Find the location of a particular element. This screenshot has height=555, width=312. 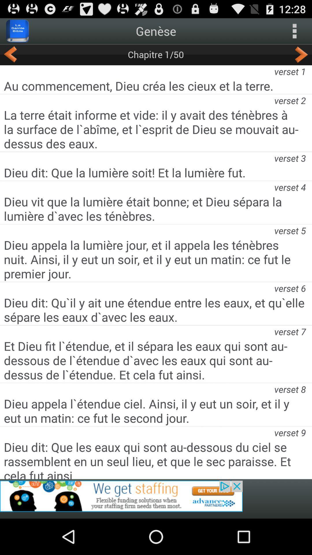

the book icon is located at coordinates (17, 33).